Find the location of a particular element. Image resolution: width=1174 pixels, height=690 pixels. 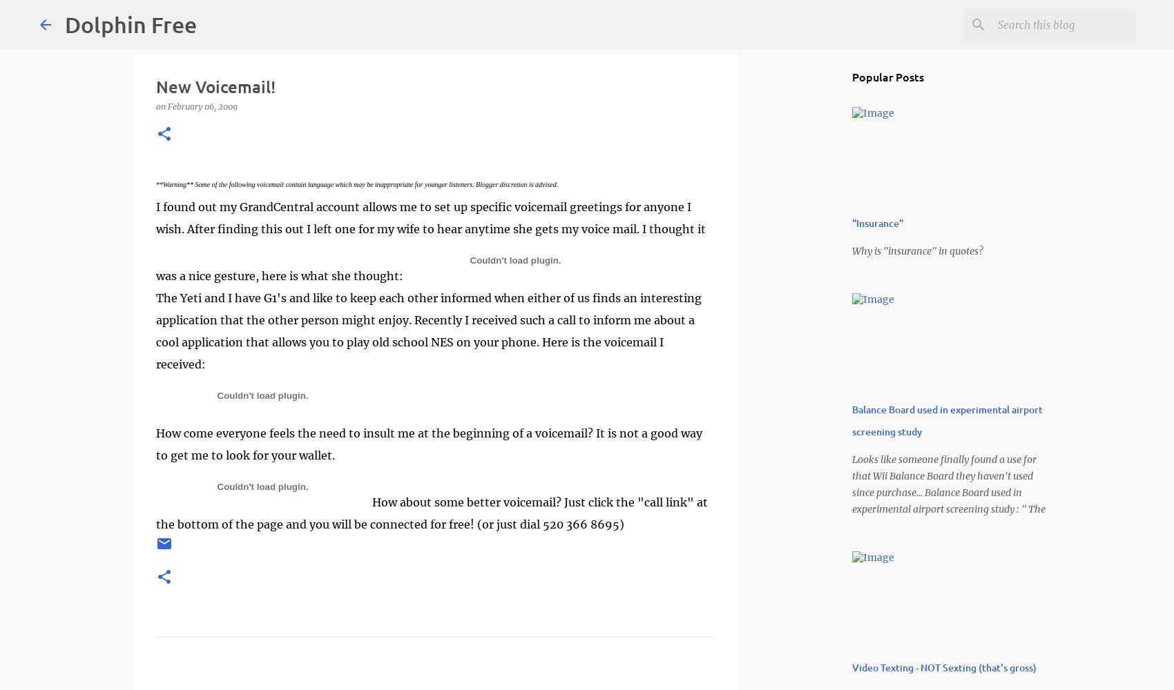

'Video Texting - NOT Sexting (that's gross)' is located at coordinates (944, 667).